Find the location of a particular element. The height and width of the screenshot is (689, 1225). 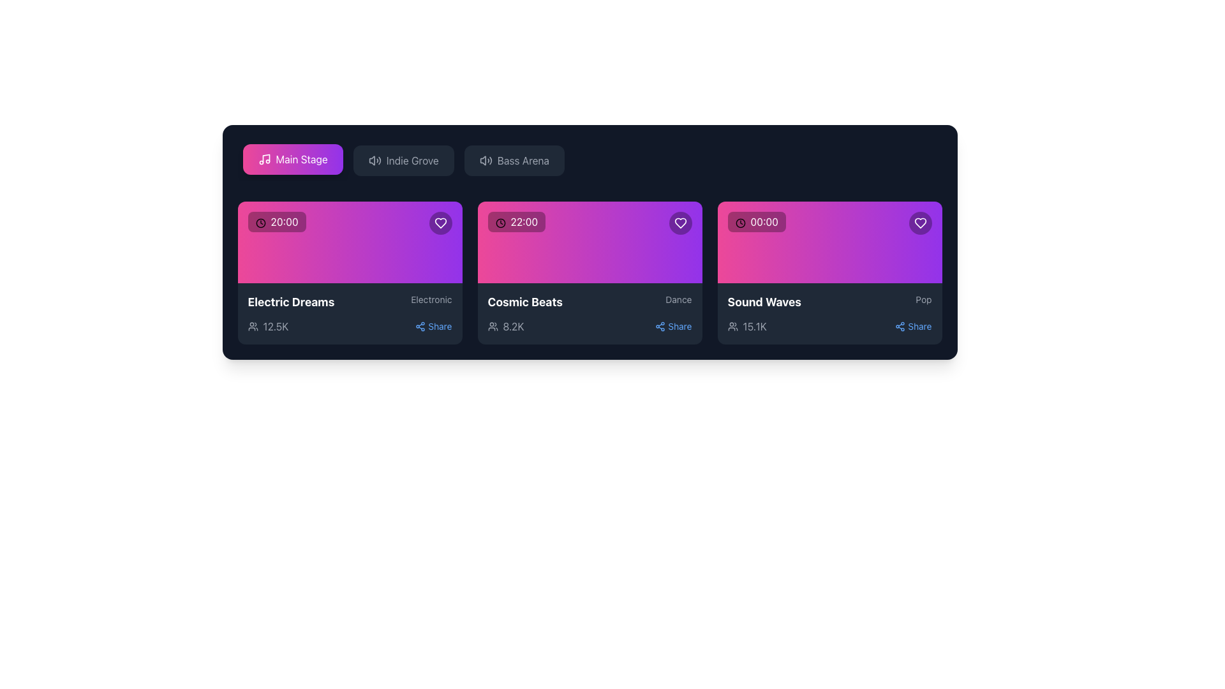

the volume icon located to the left of the text label 'Bass Arena' is located at coordinates (485, 159).